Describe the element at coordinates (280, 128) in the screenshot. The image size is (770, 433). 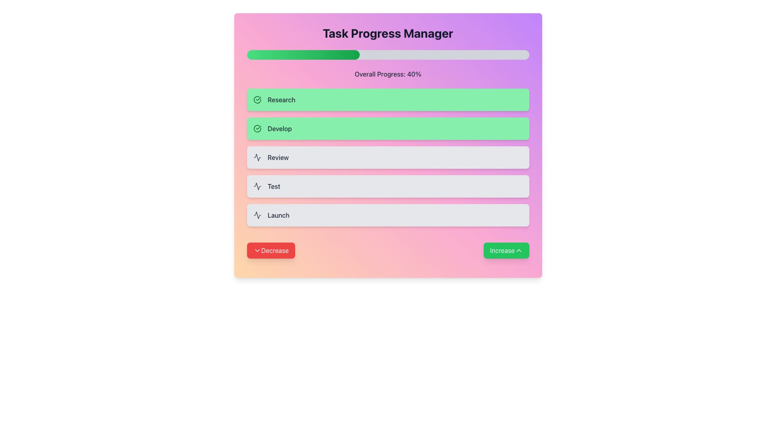
I see `the text label that identifies a specific step in the progress manager interface, which is styled with a green background and is positioned between 'Research' and 'Review'` at that location.